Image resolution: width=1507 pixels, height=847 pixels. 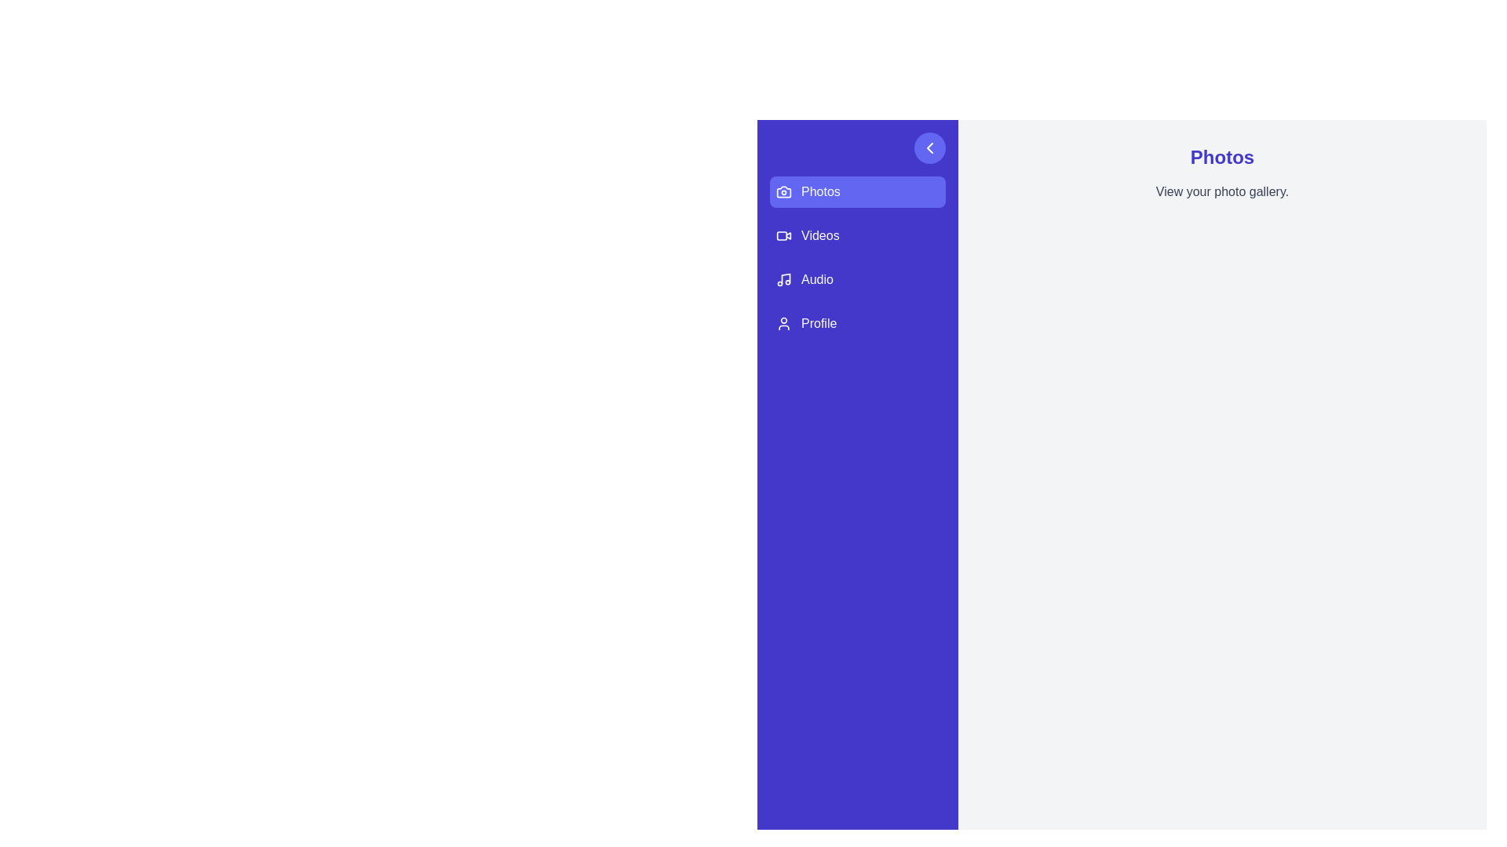 What do you see at coordinates (783, 235) in the screenshot?
I see `the 'Videos' menu item icon located in the vertical sidebar menu, positioned second from the top below the 'Photos' menu item` at bounding box center [783, 235].